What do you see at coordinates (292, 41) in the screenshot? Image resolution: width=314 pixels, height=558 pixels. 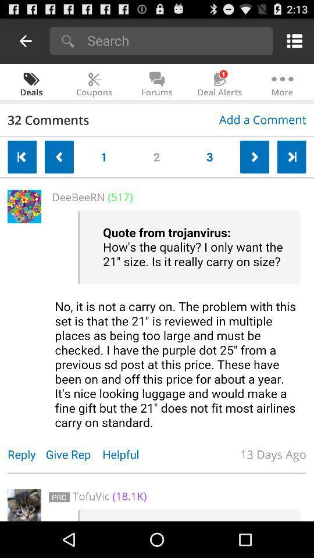 I see `a menu option on which is on the top right corner of the page` at bounding box center [292, 41].